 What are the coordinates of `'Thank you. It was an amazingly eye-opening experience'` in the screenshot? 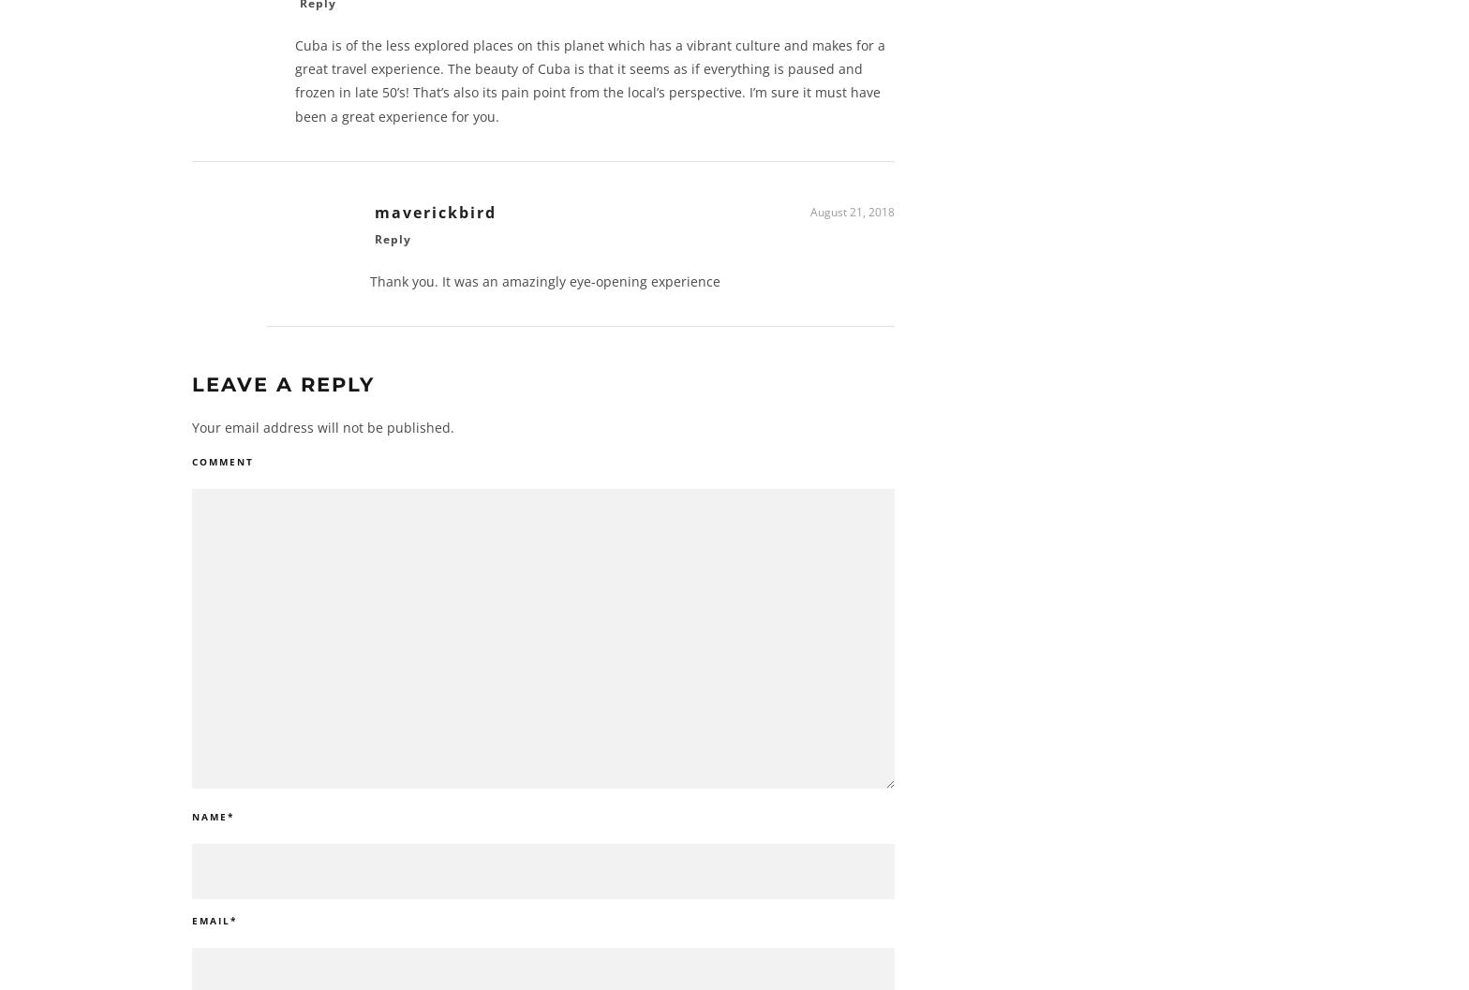 It's located at (545, 288).